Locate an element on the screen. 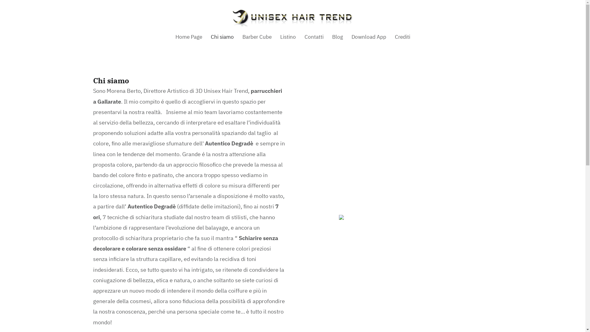 This screenshot has height=332, width=590. 'Chi siamo' is located at coordinates (222, 37).